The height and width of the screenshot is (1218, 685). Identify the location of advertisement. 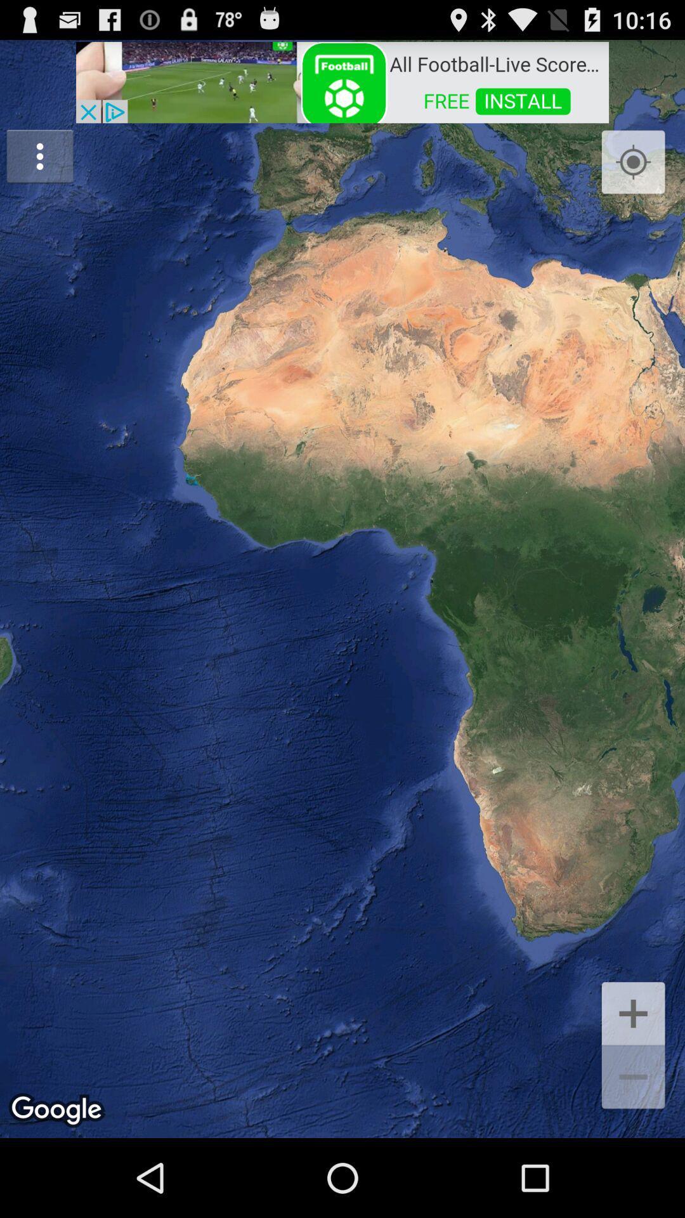
(342, 81).